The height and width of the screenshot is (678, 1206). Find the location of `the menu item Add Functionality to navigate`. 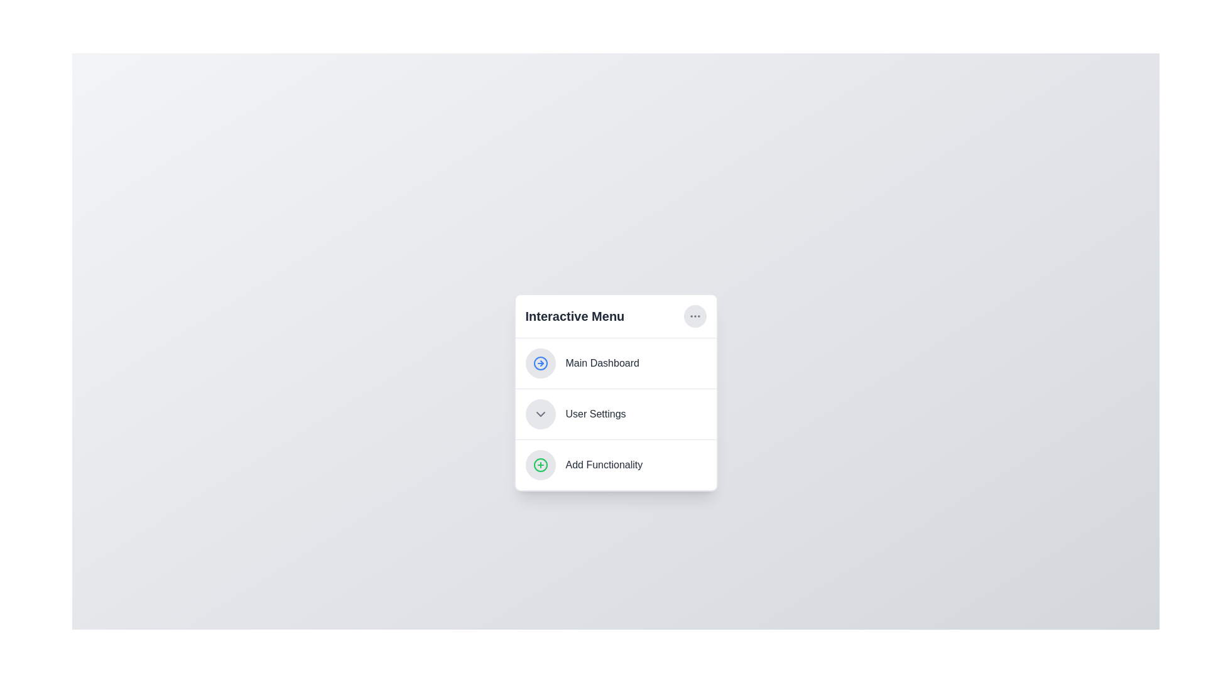

the menu item Add Functionality to navigate is located at coordinates (616, 465).